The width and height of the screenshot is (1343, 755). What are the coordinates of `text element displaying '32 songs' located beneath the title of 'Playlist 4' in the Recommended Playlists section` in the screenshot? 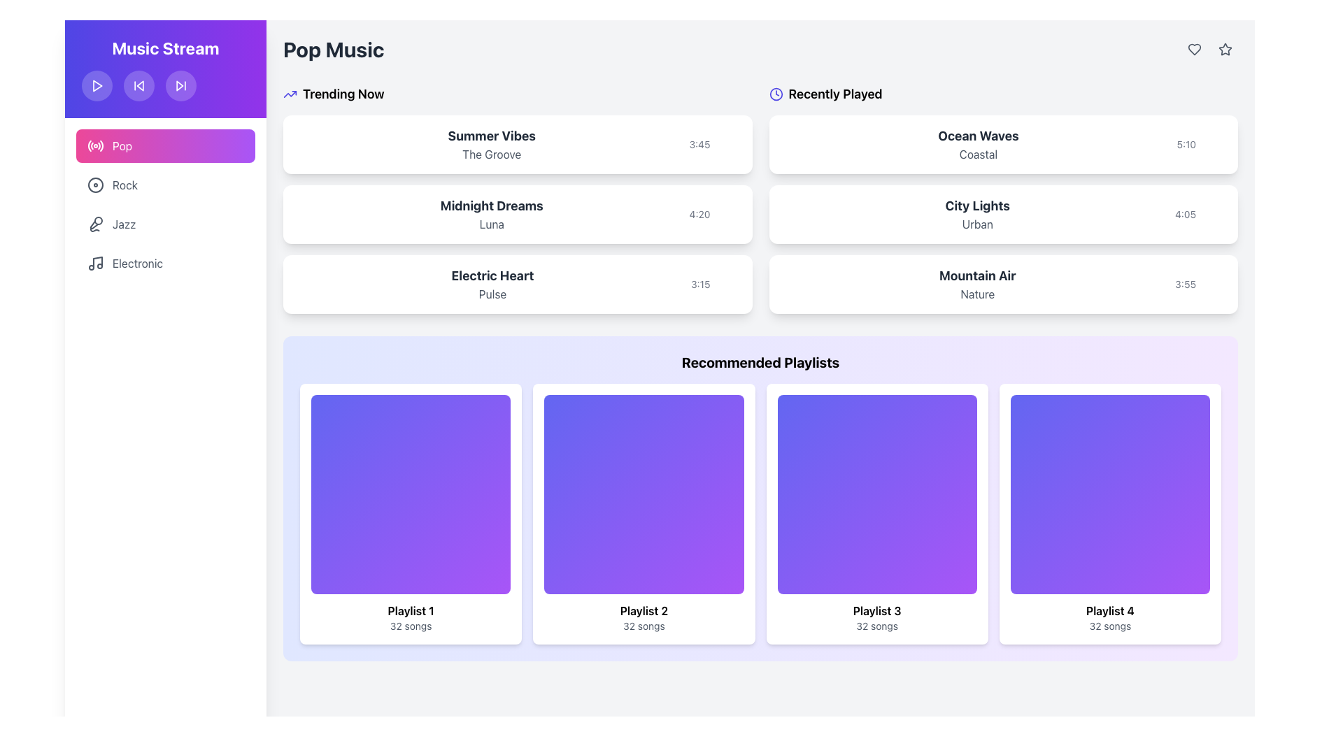 It's located at (1109, 626).